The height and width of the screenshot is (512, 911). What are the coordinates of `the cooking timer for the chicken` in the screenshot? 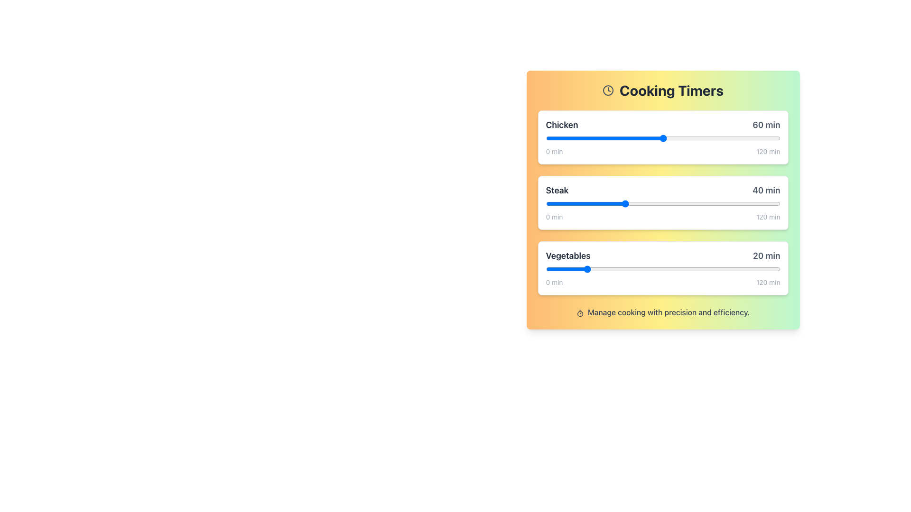 It's located at (704, 138).